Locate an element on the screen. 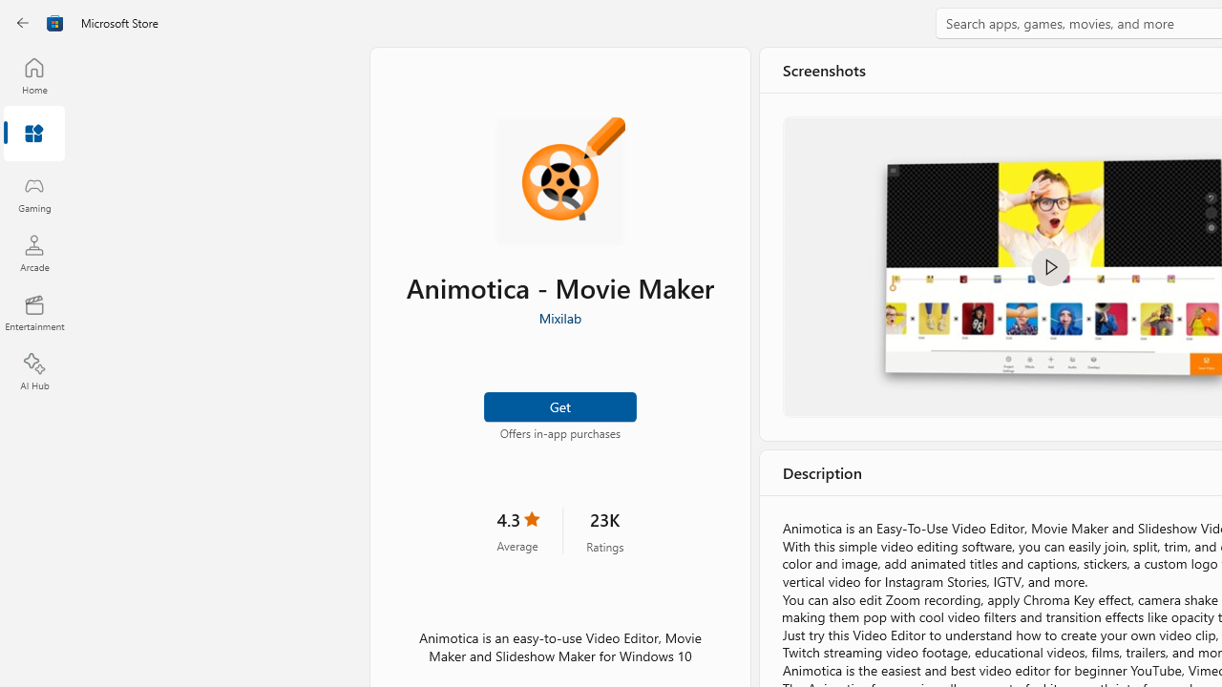 The image size is (1222, 687). 'Home' is located at coordinates (33, 74).